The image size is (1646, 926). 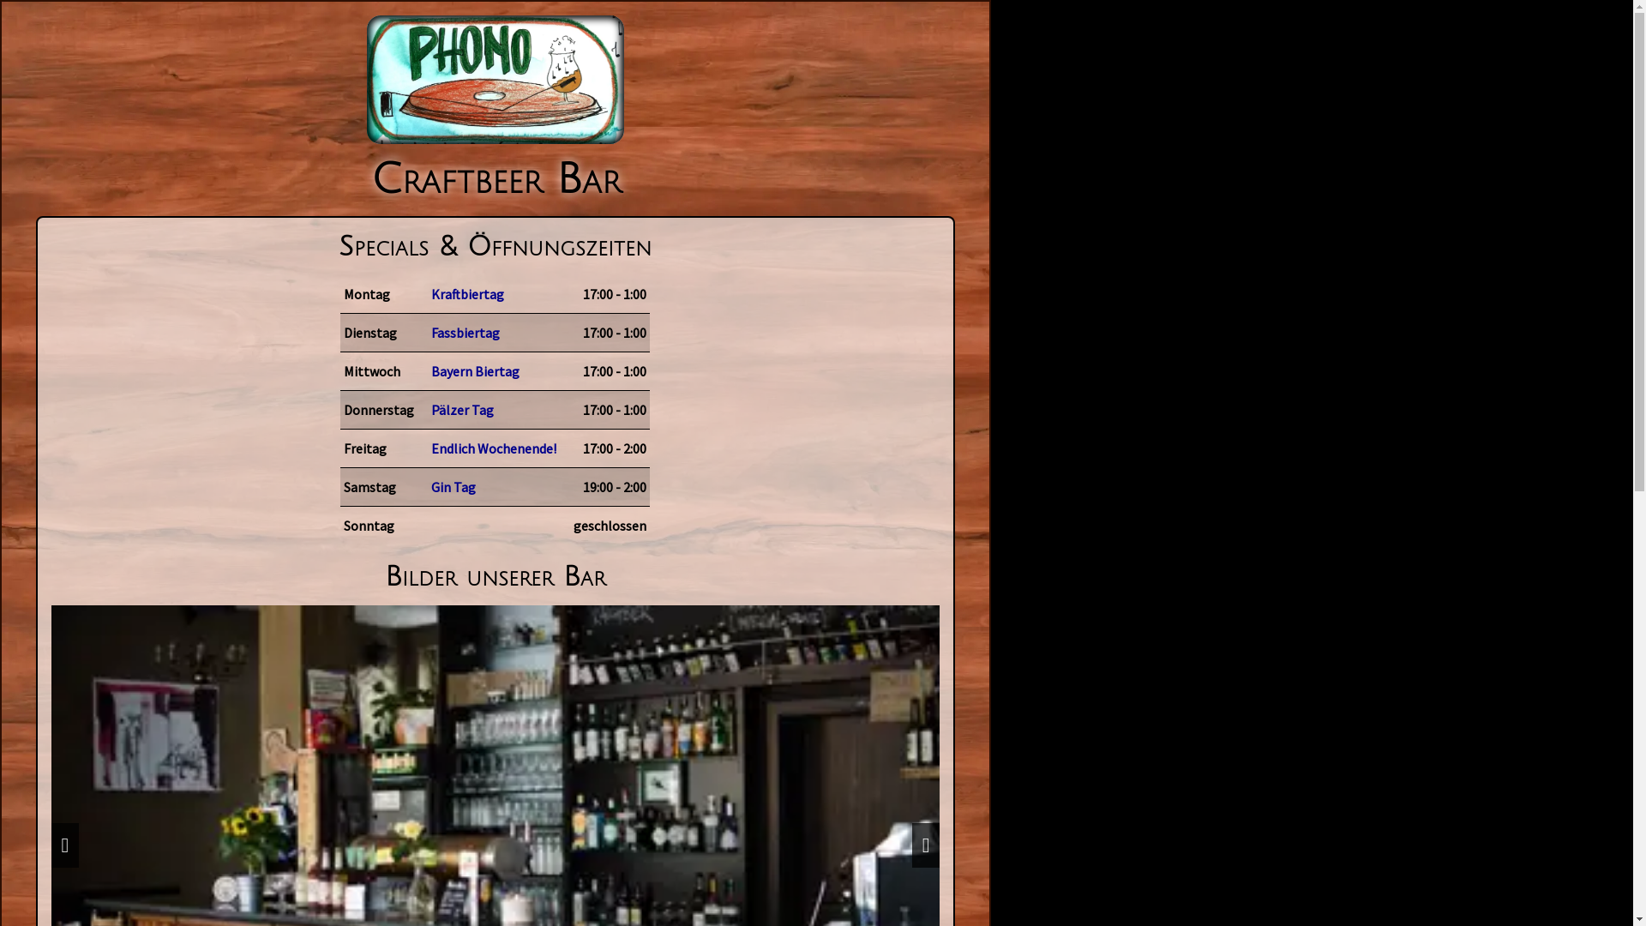 I want to click on 'Kraftbiertag', so click(x=493, y=293).